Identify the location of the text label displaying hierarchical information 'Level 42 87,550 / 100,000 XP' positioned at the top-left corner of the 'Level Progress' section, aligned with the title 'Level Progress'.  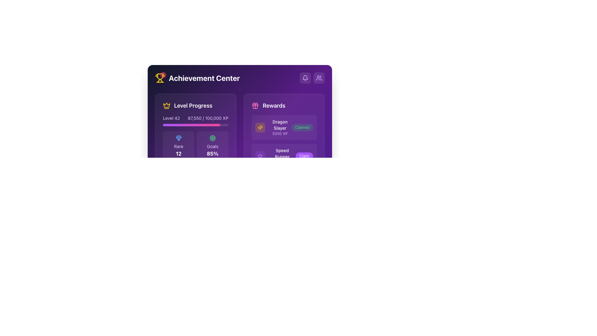
(195, 118).